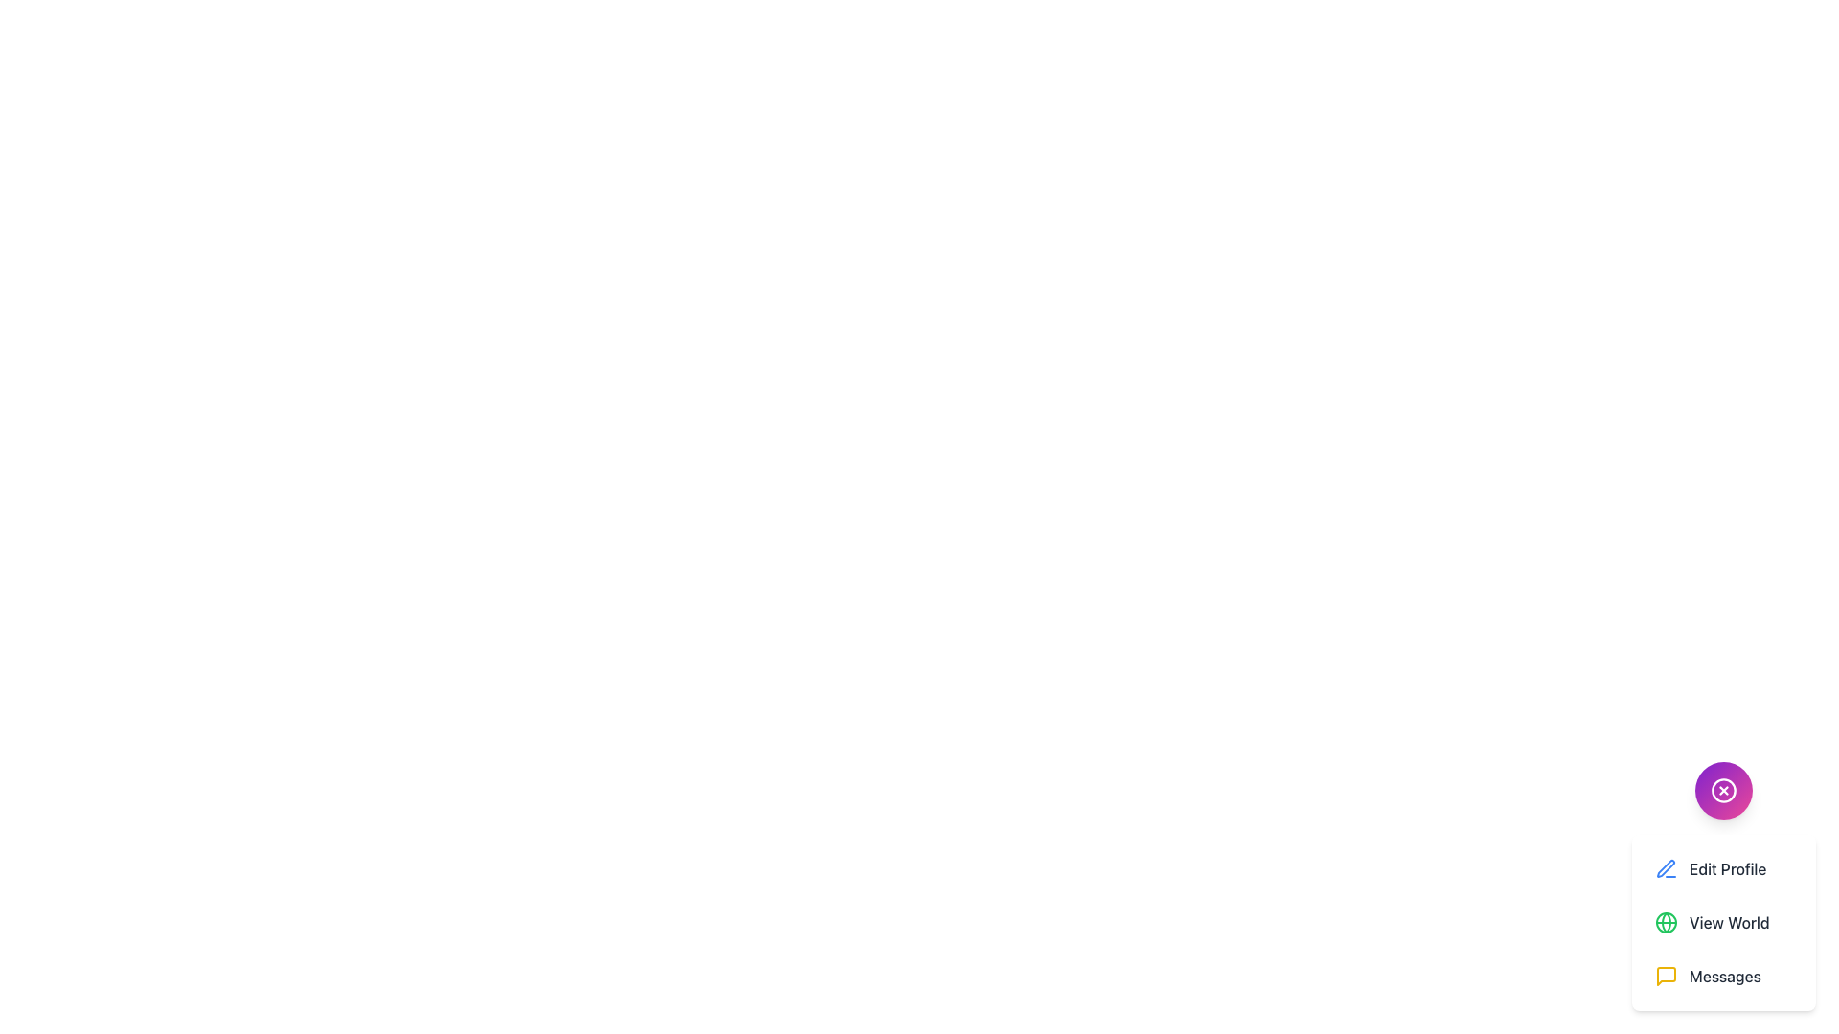 The width and height of the screenshot is (1839, 1034). Describe the element at coordinates (1665, 922) in the screenshot. I see `the globe icon, which is a circular icon with intersecting curved lines in green, located to the left of the 'View World' text in a vertical menu structure` at that location.